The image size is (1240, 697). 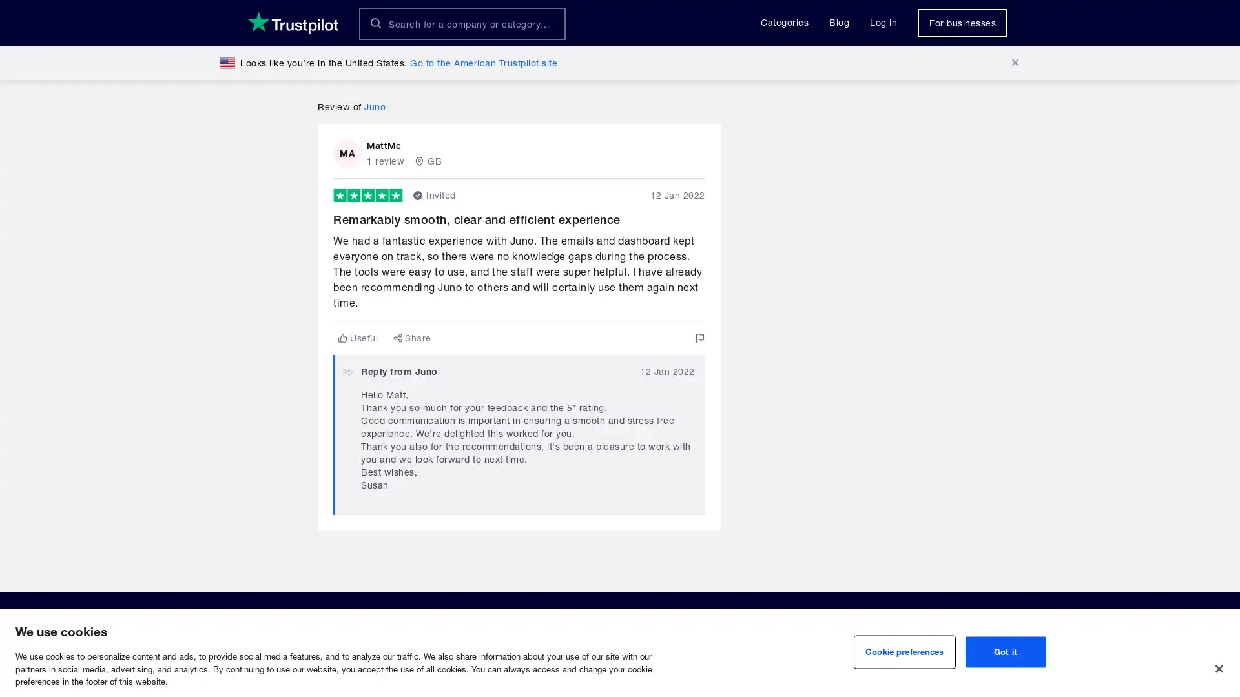 What do you see at coordinates (434, 196) in the screenshot?
I see `Invited` at bounding box center [434, 196].